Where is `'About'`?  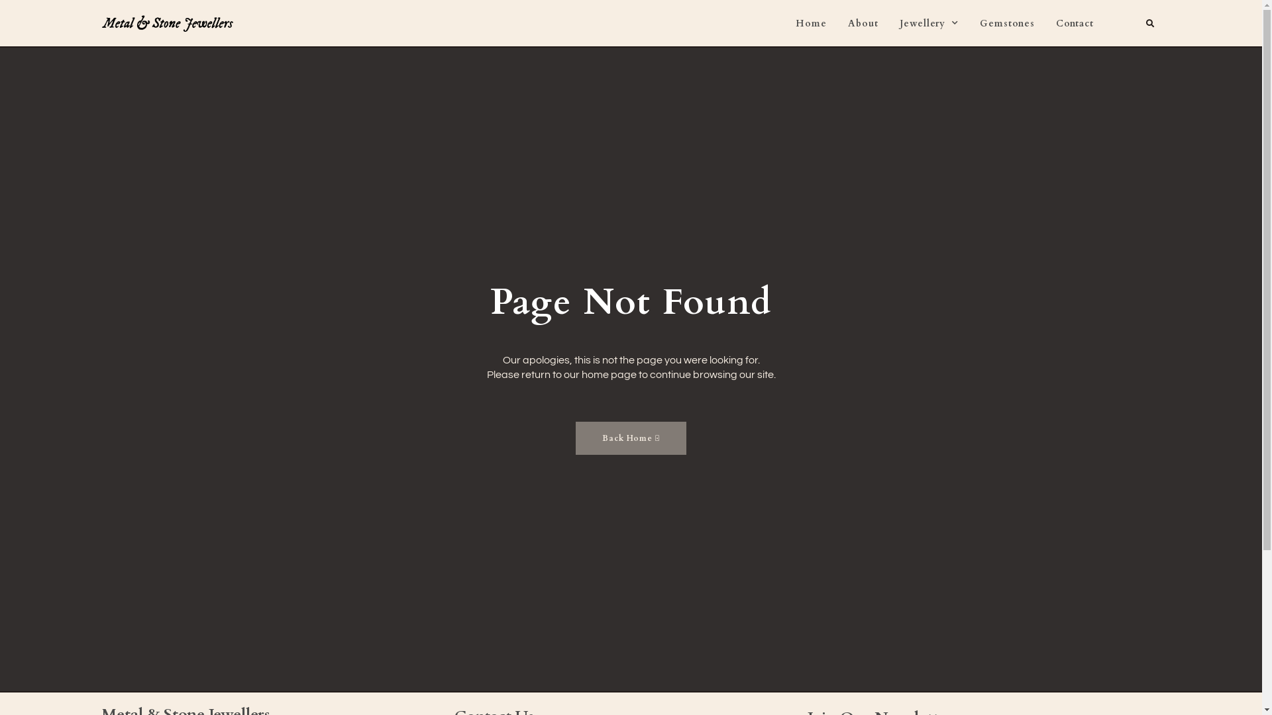
'About' is located at coordinates (863, 23).